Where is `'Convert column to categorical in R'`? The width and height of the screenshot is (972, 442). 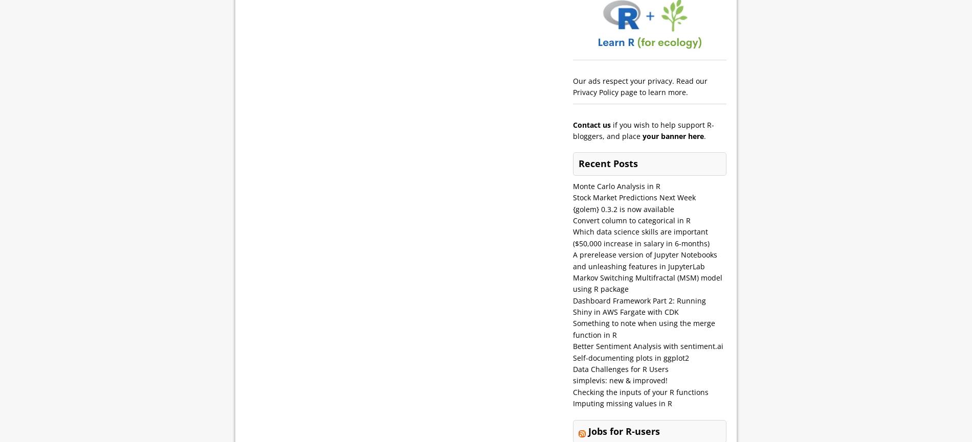 'Convert column to categorical in R' is located at coordinates (573, 220).